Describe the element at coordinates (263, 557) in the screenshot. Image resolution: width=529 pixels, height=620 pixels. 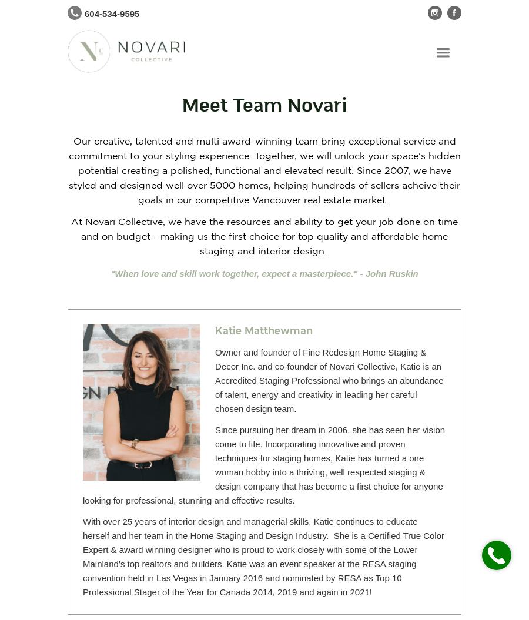
I see `'With over 25 years of interior design and managerial skills, Katie continues to educate herself and her team in the Home Staging and Design Industry.  She is a Certified True Color Expert & award winning designer who is proud to work closely with some of the Lower Mainland’s top realtors and builders. Katie was an event speaker at the RESA staging convention held in Las Vegas in January 2016 and nominated by RESA as Top 10 Professional Stager of the Year for Canada 2014, 2019 and again in 2021!'` at that location.